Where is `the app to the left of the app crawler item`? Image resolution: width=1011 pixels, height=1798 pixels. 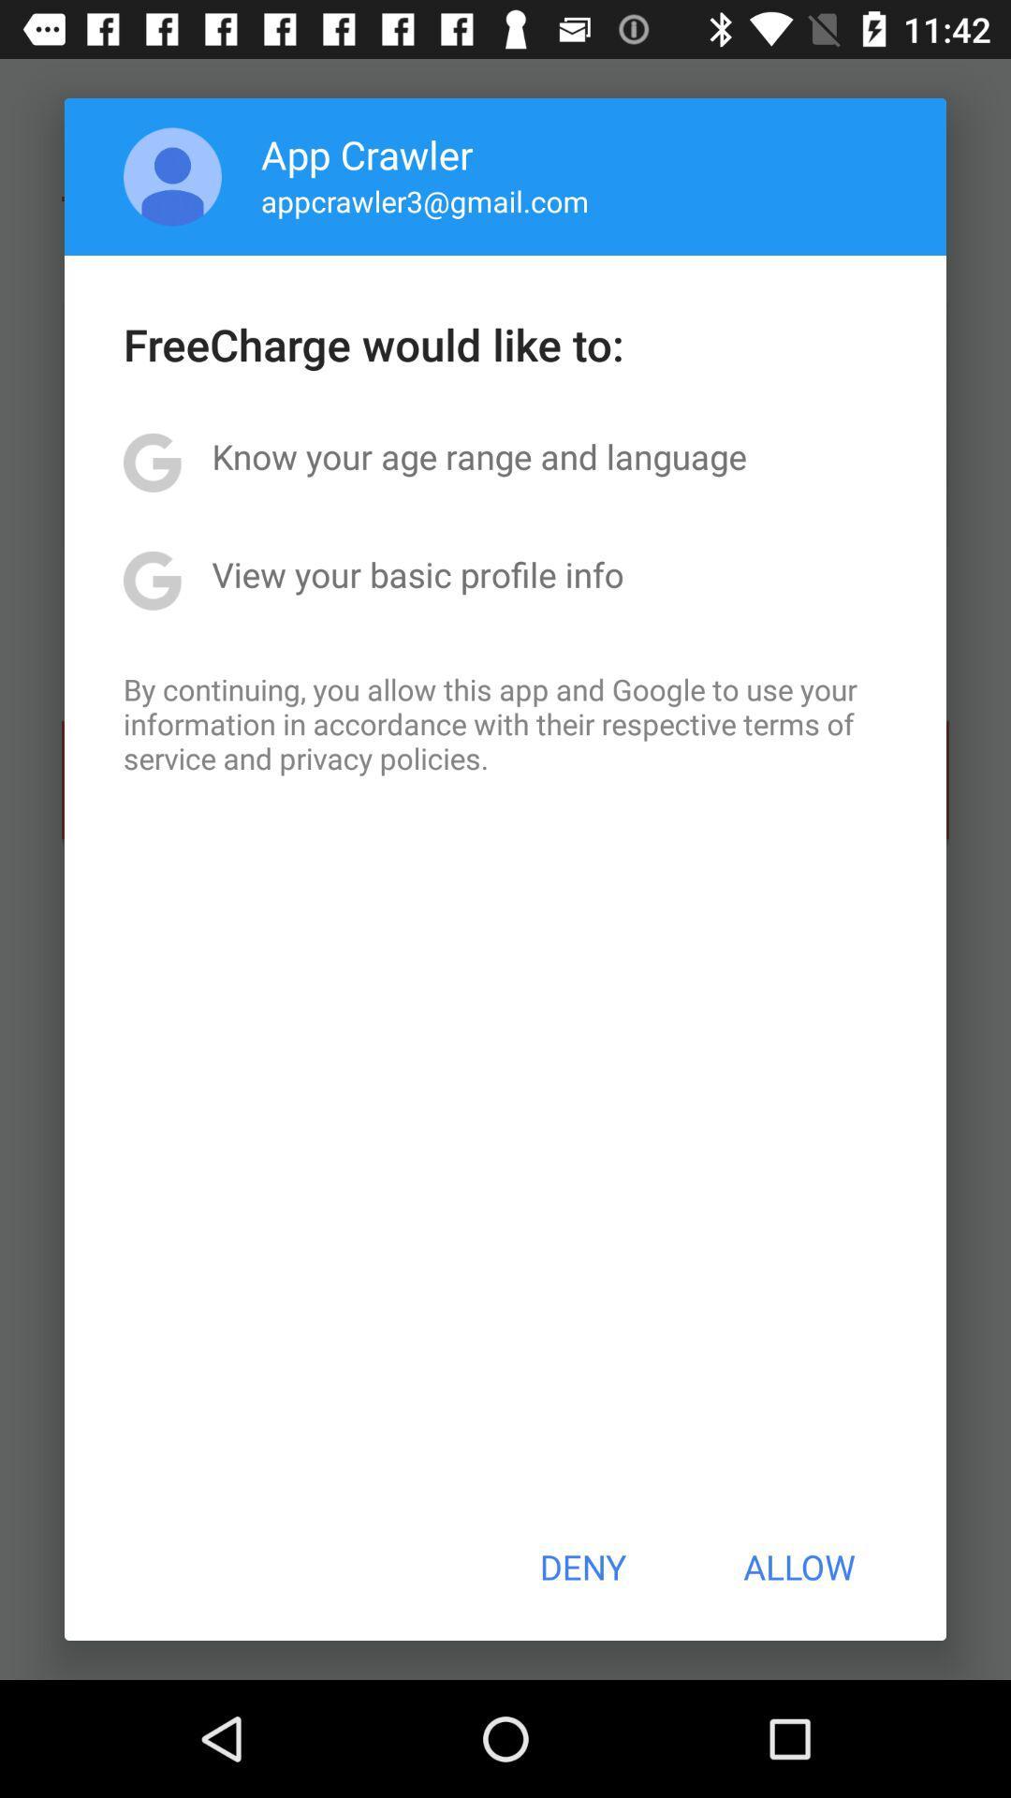
the app to the left of the app crawler item is located at coordinates (172, 176).